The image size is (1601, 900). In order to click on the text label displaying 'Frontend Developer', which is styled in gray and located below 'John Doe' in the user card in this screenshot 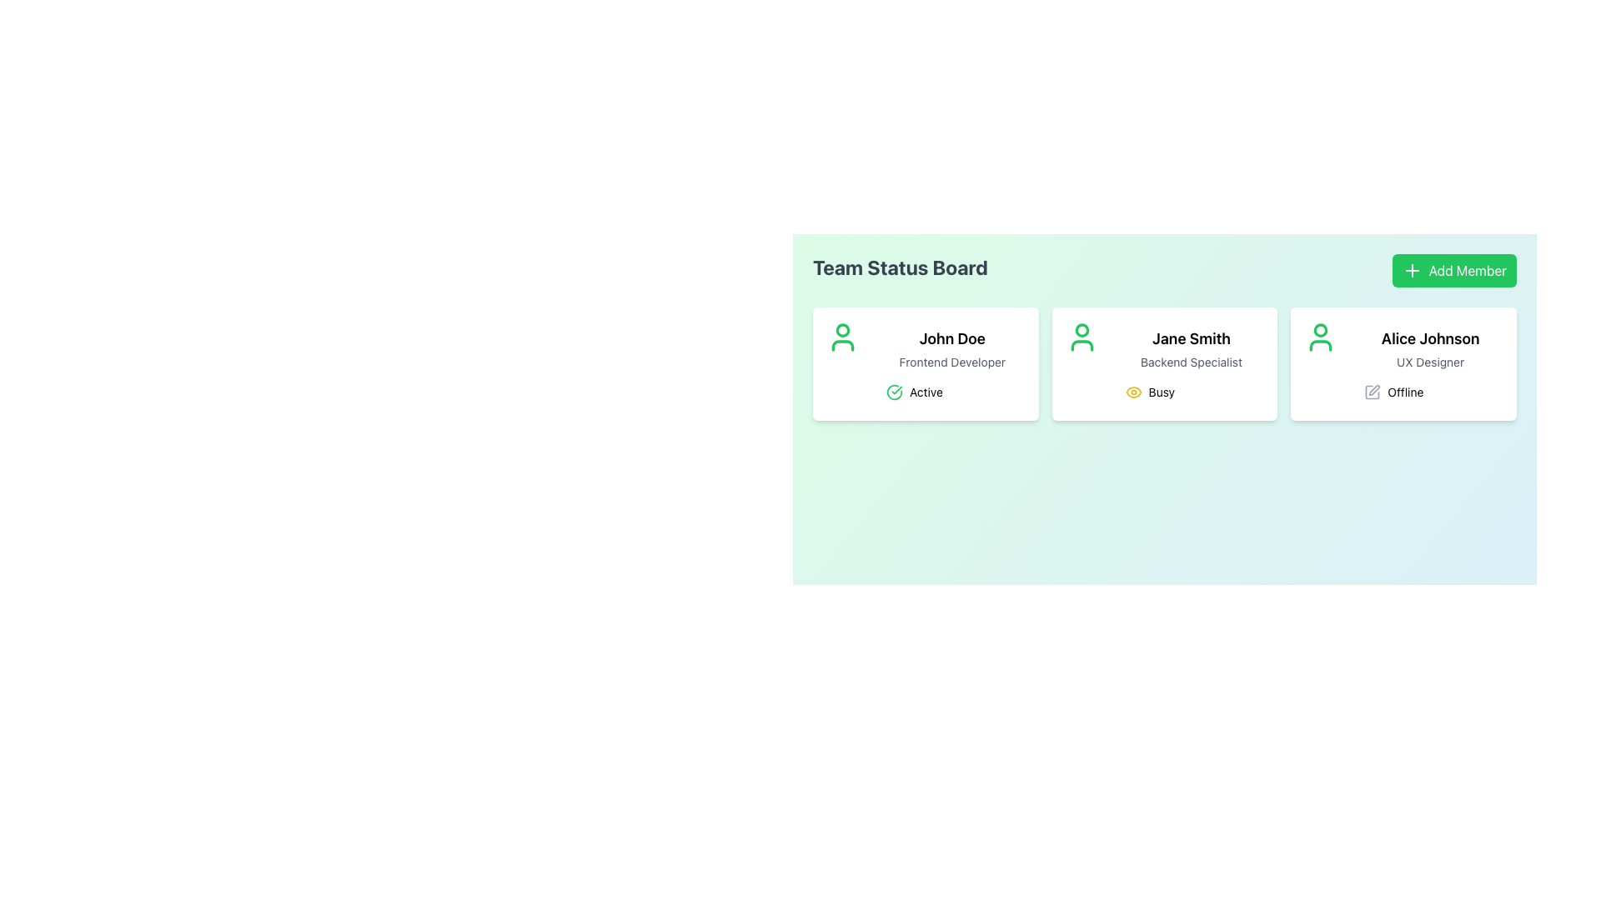, I will do `click(952, 362)`.